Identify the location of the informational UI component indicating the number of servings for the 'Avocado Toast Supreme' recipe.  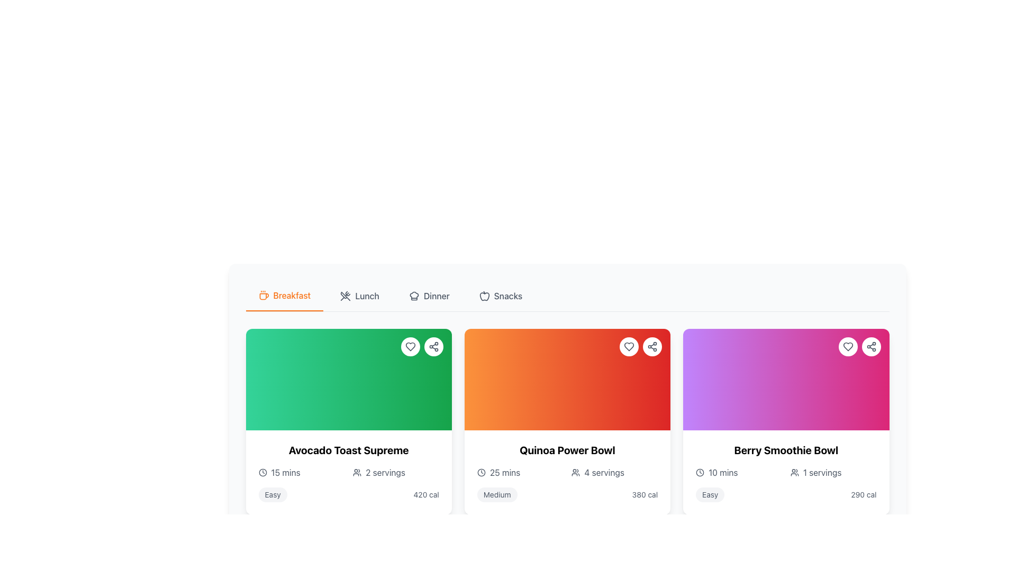
(395, 472).